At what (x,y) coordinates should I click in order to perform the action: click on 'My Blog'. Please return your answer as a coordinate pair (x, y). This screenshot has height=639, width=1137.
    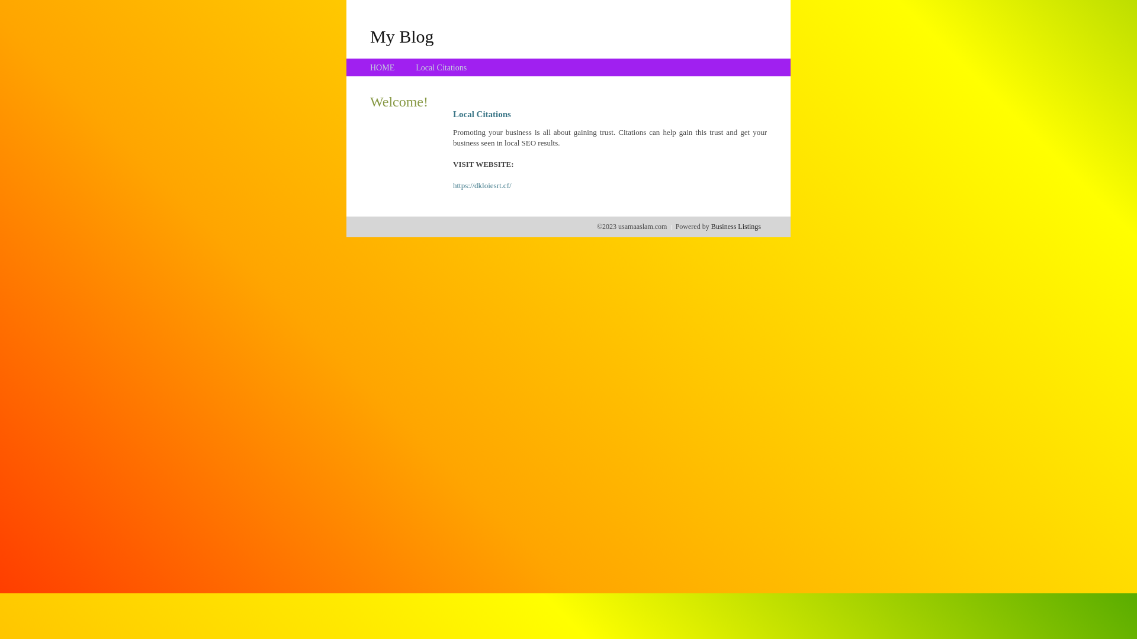
    Looking at the image, I should click on (402, 35).